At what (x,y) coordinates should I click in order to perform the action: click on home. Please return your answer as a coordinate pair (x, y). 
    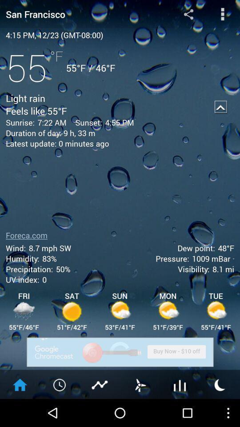
    Looking at the image, I should click on (20, 384).